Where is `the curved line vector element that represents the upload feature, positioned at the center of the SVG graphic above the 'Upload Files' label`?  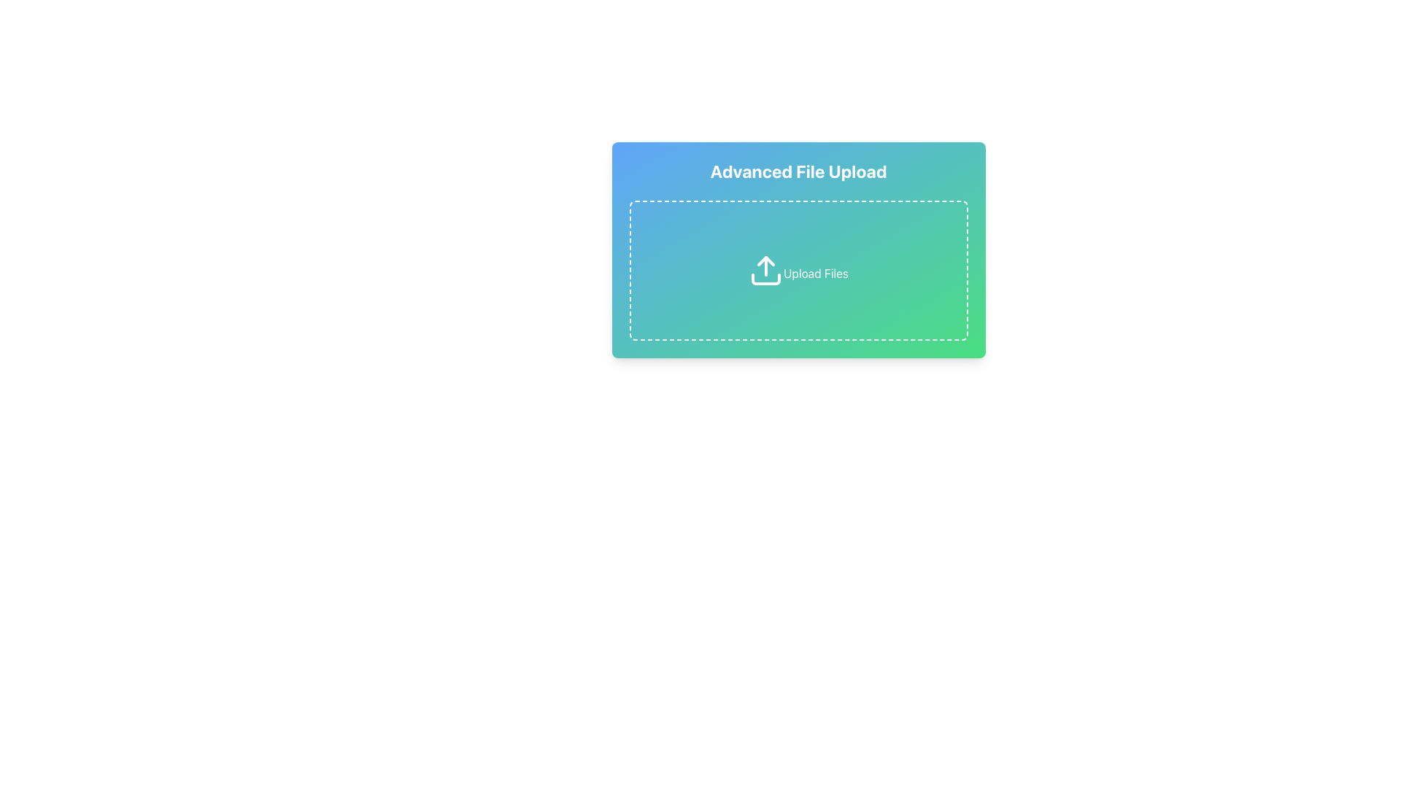 the curved line vector element that represents the upload feature, positioned at the center of the SVG graphic above the 'Upload Files' label is located at coordinates (765, 279).